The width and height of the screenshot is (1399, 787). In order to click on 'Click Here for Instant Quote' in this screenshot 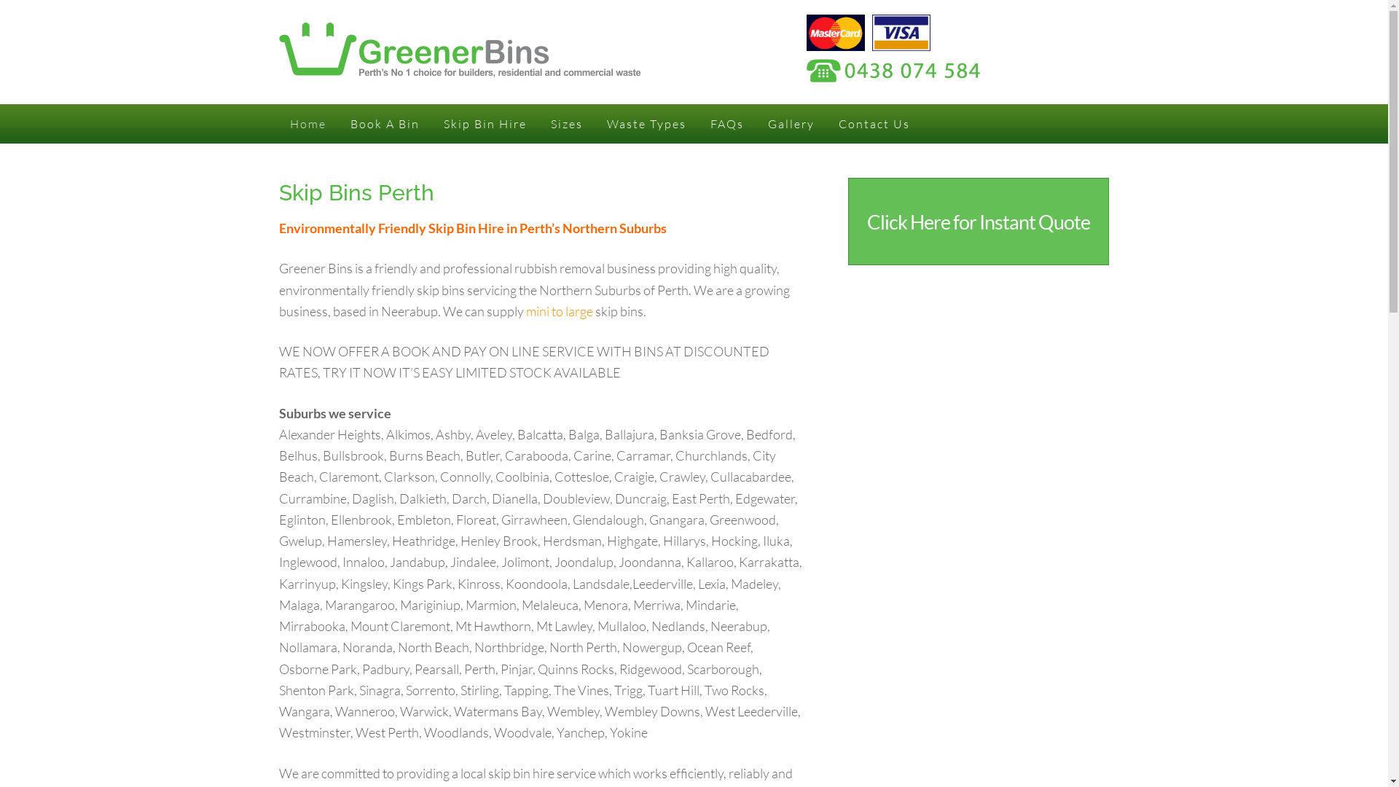, I will do `click(979, 222)`.